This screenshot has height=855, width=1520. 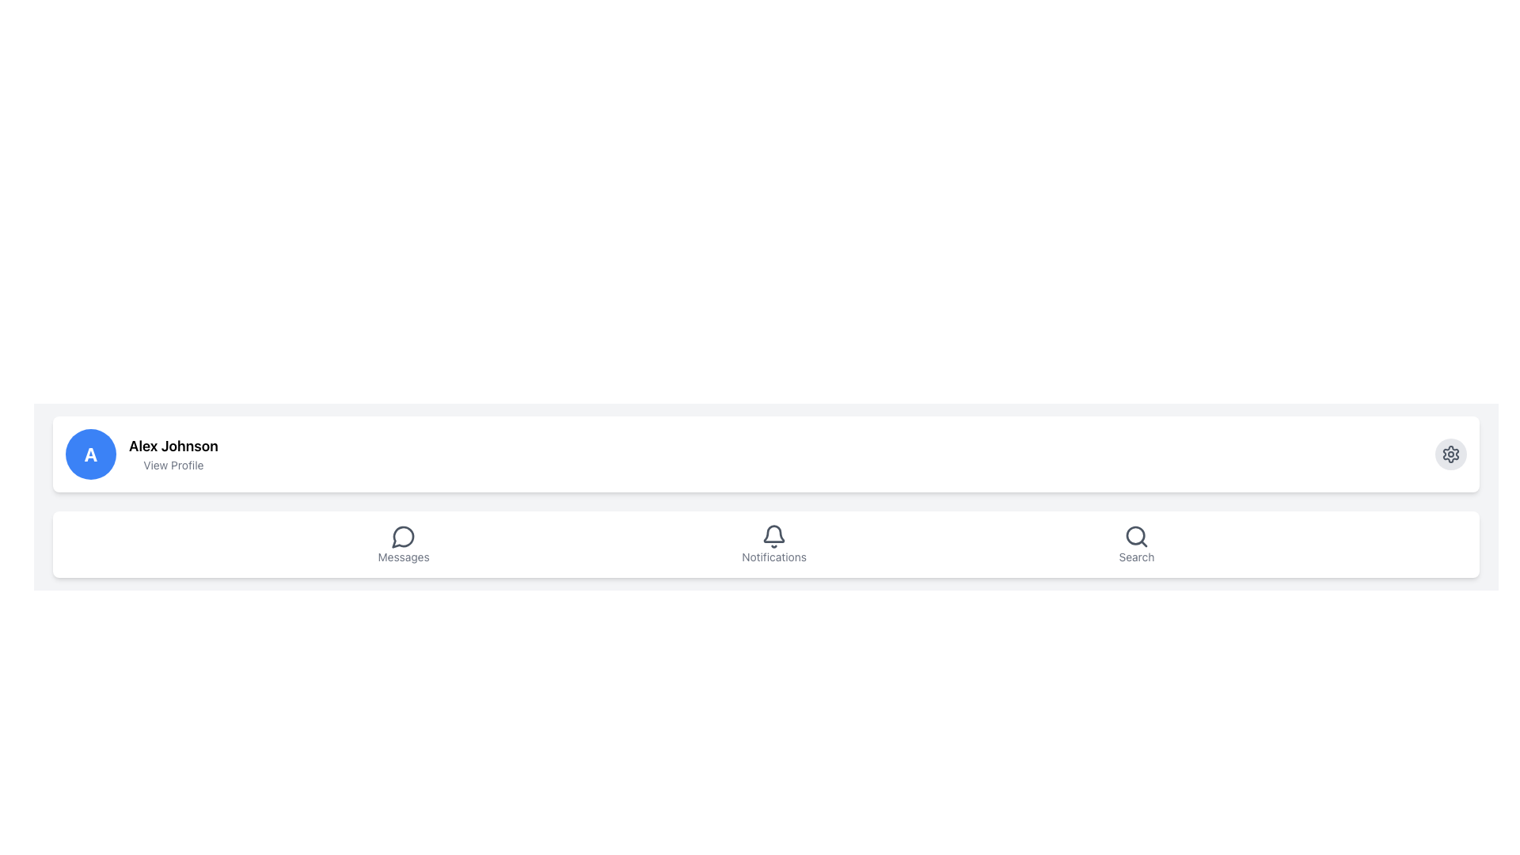 What do you see at coordinates (173, 446) in the screenshot?
I see `name displayed in the text label located at the top-left area of the interface, before the text 'View Profile'` at bounding box center [173, 446].